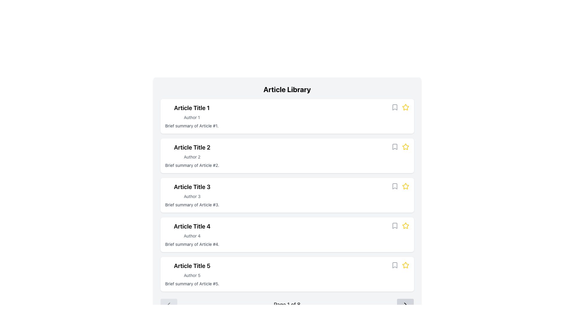 The width and height of the screenshot is (574, 323). I want to click on the gray bookmark icon located on the right side of the list item for 'Article Title 2' to bookmark the article, so click(395, 147).